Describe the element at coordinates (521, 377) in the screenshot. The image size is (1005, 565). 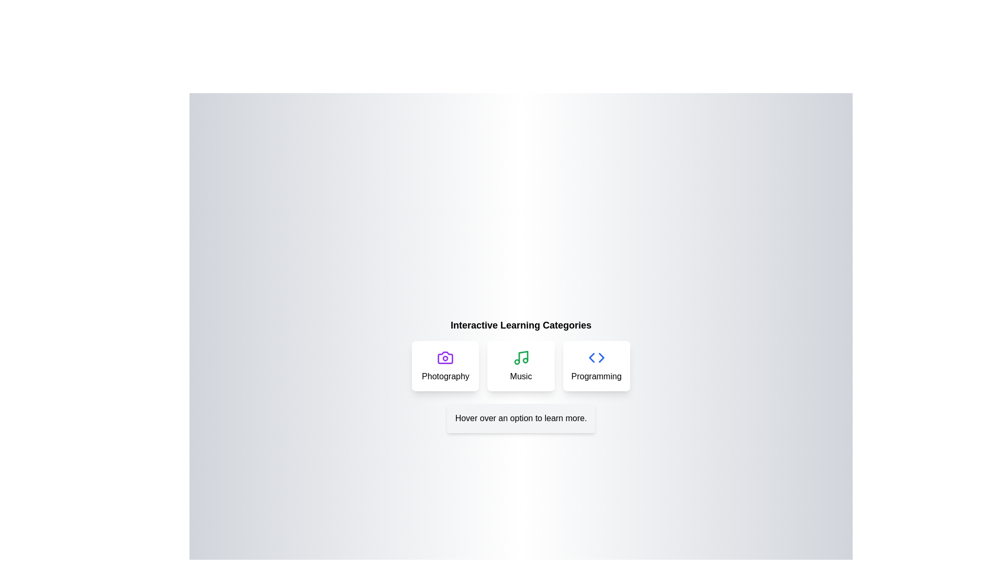
I see `the 'Music' text label, which is styled in black with a medium font and is part of a card layout located below a musical note icon` at that location.